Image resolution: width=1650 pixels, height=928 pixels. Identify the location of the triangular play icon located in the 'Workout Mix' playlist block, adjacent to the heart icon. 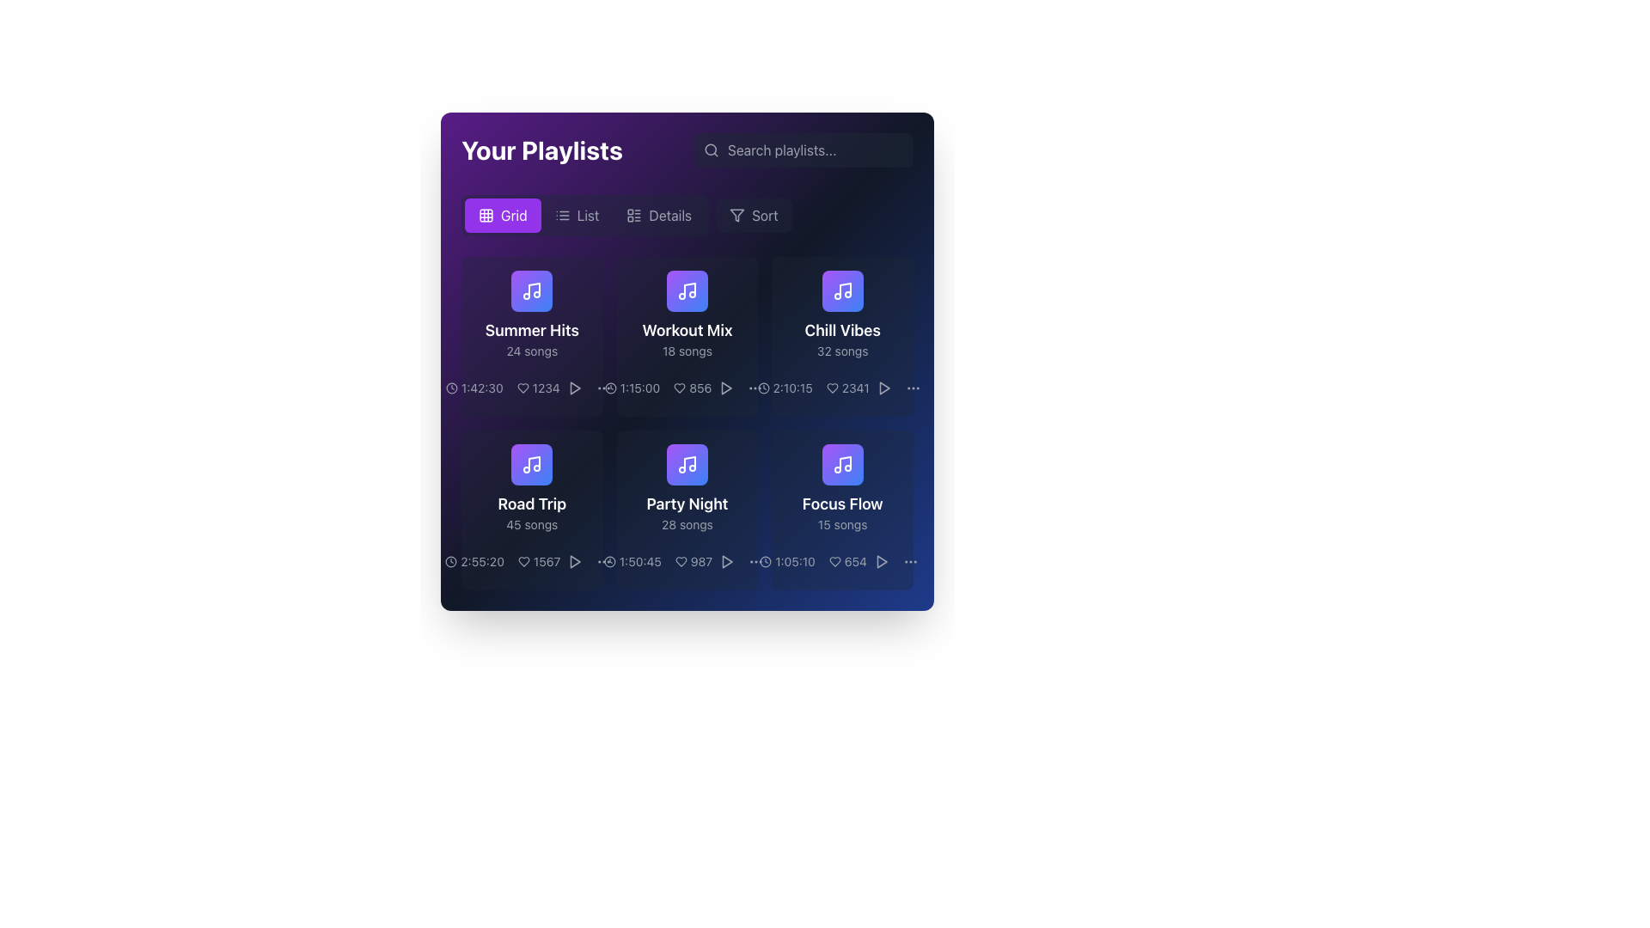
(727, 388).